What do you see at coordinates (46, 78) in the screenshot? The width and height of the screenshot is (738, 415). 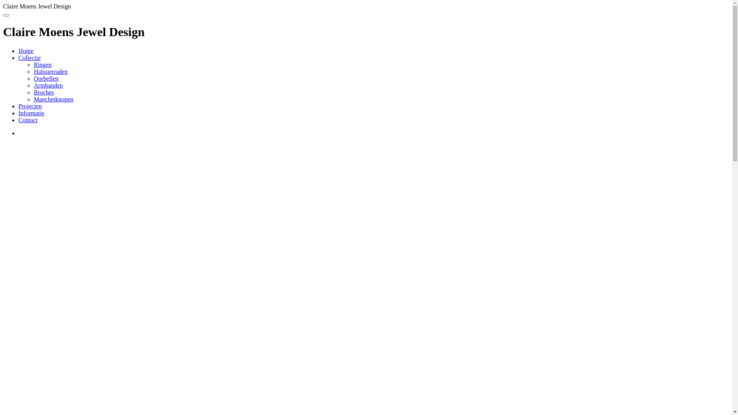 I see `'Oorbellen'` at bounding box center [46, 78].